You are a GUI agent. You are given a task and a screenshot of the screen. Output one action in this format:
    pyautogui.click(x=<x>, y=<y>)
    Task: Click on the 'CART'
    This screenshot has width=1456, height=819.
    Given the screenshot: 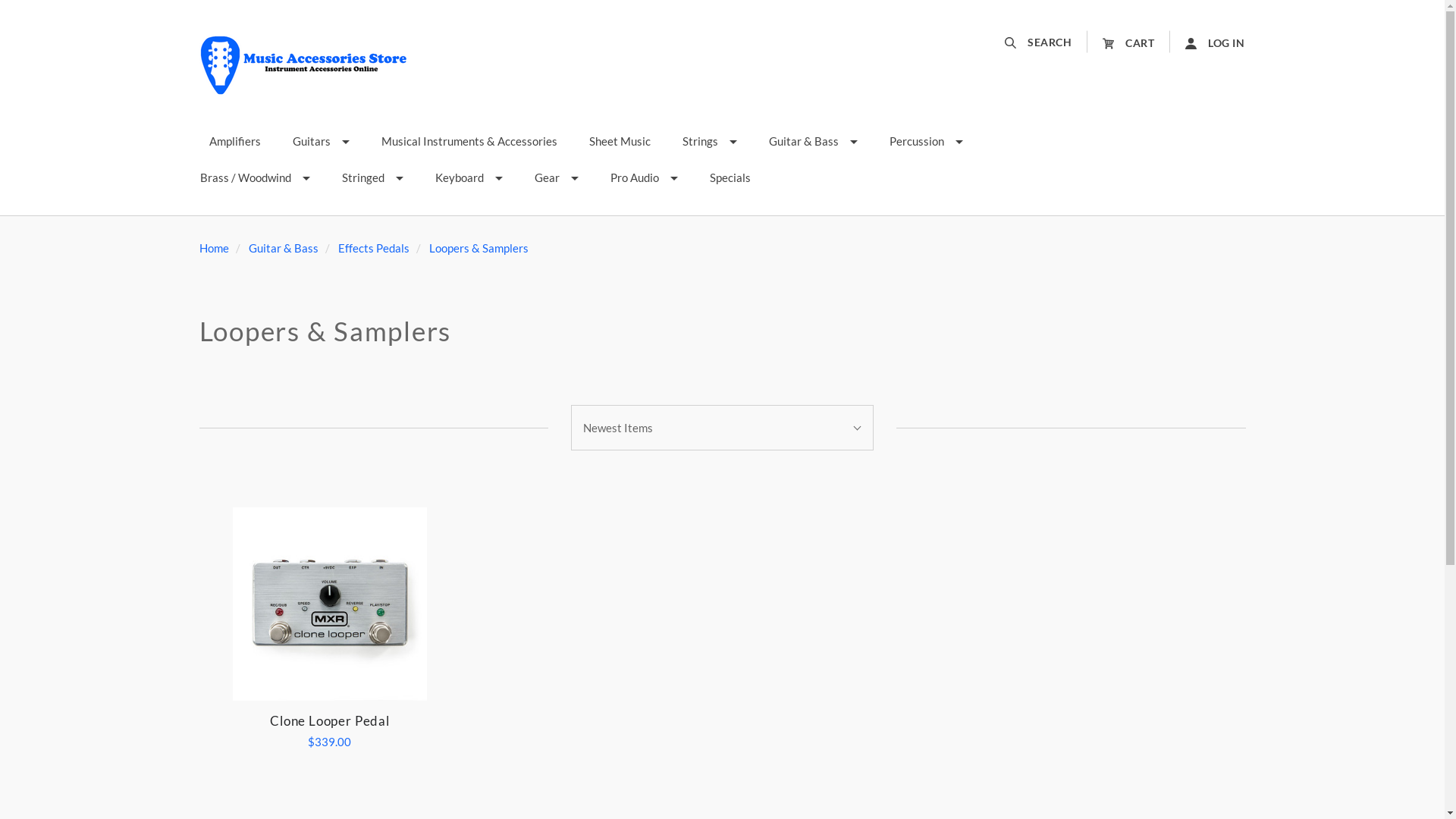 What is the action you would take?
    pyautogui.click(x=1128, y=42)
    